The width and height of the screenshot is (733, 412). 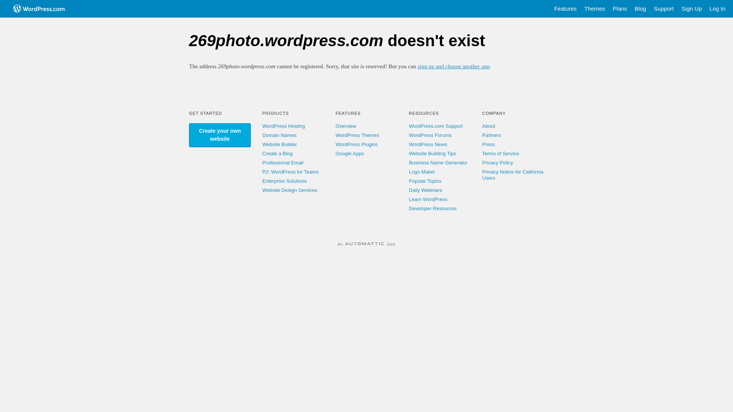 What do you see at coordinates (425, 190) in the screenshot?
I see `'Daily Webinars'` at bounding box center [425, 190].